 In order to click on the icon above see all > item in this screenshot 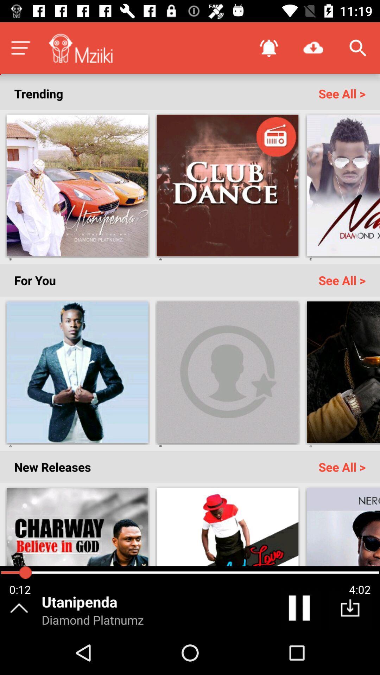, I will do `click(358, 47)`.